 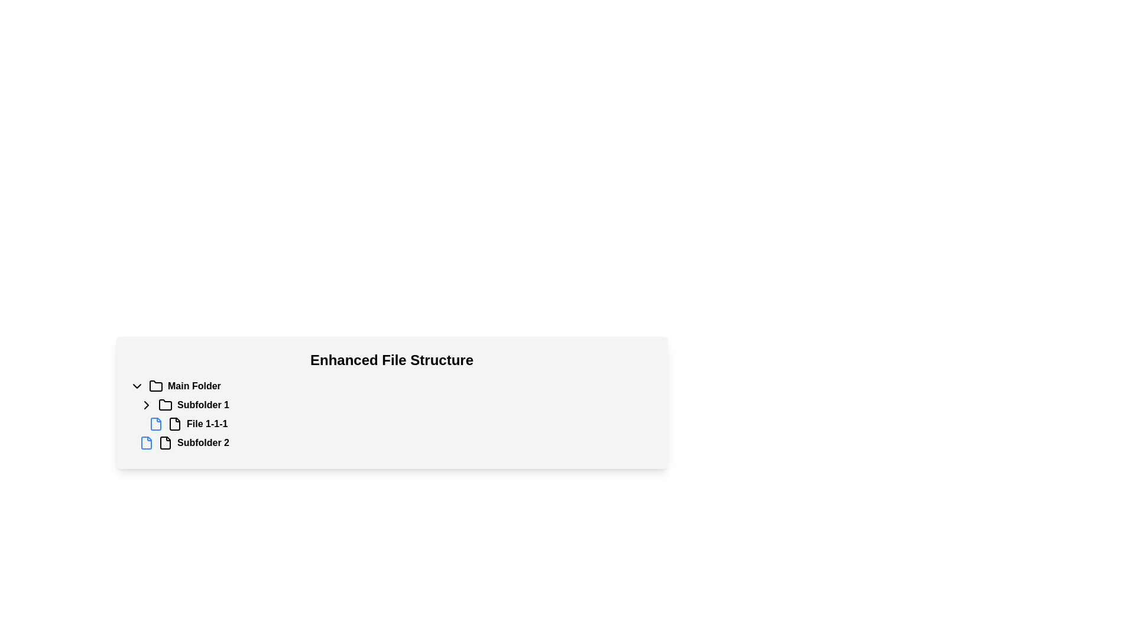 I want to click on the 'Subfolder 1' icon, which visually represents the subfolder item in the hierarchical folder structure, located in the center-right region of the interface, so click(x=164, y=405).